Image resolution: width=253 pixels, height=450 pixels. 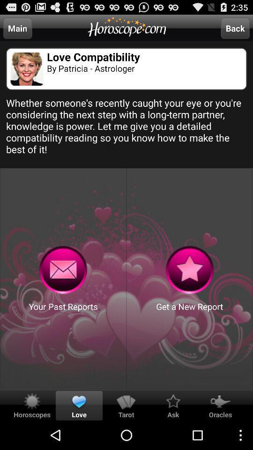 What do you see at coordinates (190, 270) in the screenshot?
I see `menu buttons` at bounding box center [190, 270].